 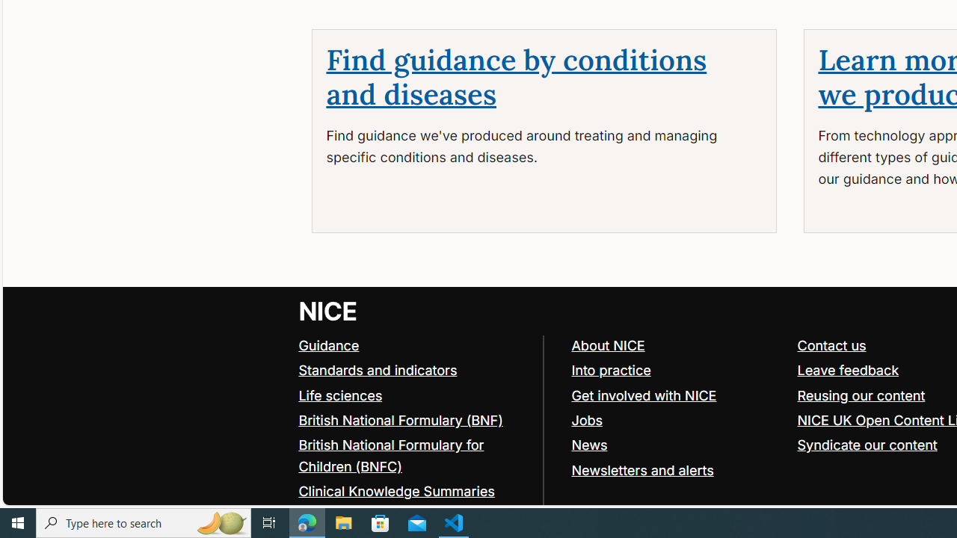 What do you see at coordinates (642, 469) in the screenshot?
I see `'Newsletters and alerts'` at bounding box center [642, 469].